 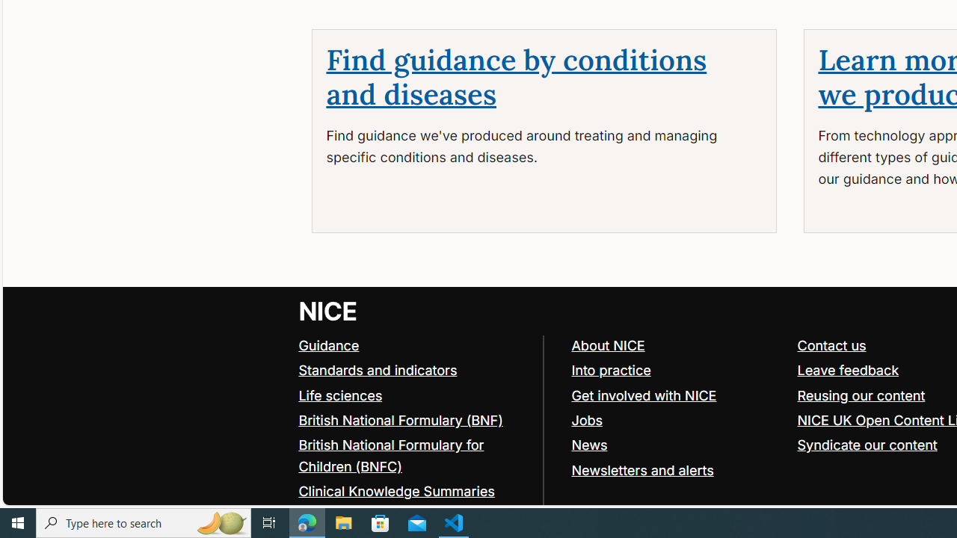 What do you see at coordinates (642, 469) in the screenshot?
I see `'Newsletters and alerts'` at bounding box center [642, 469].